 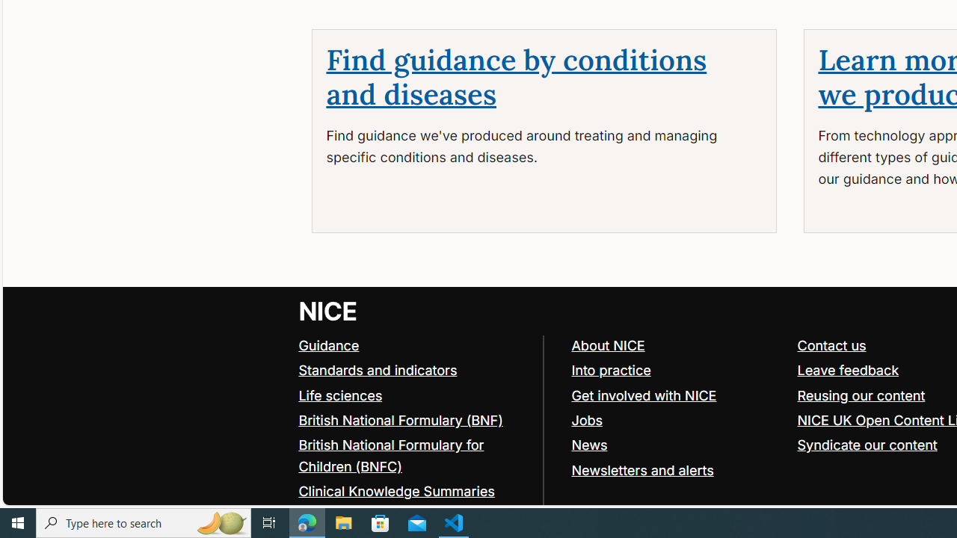 What do you see at coordinates (642, 469) in the screenshot?
I see `'Newsletters and alerts'` at bounding box center [642, 469].